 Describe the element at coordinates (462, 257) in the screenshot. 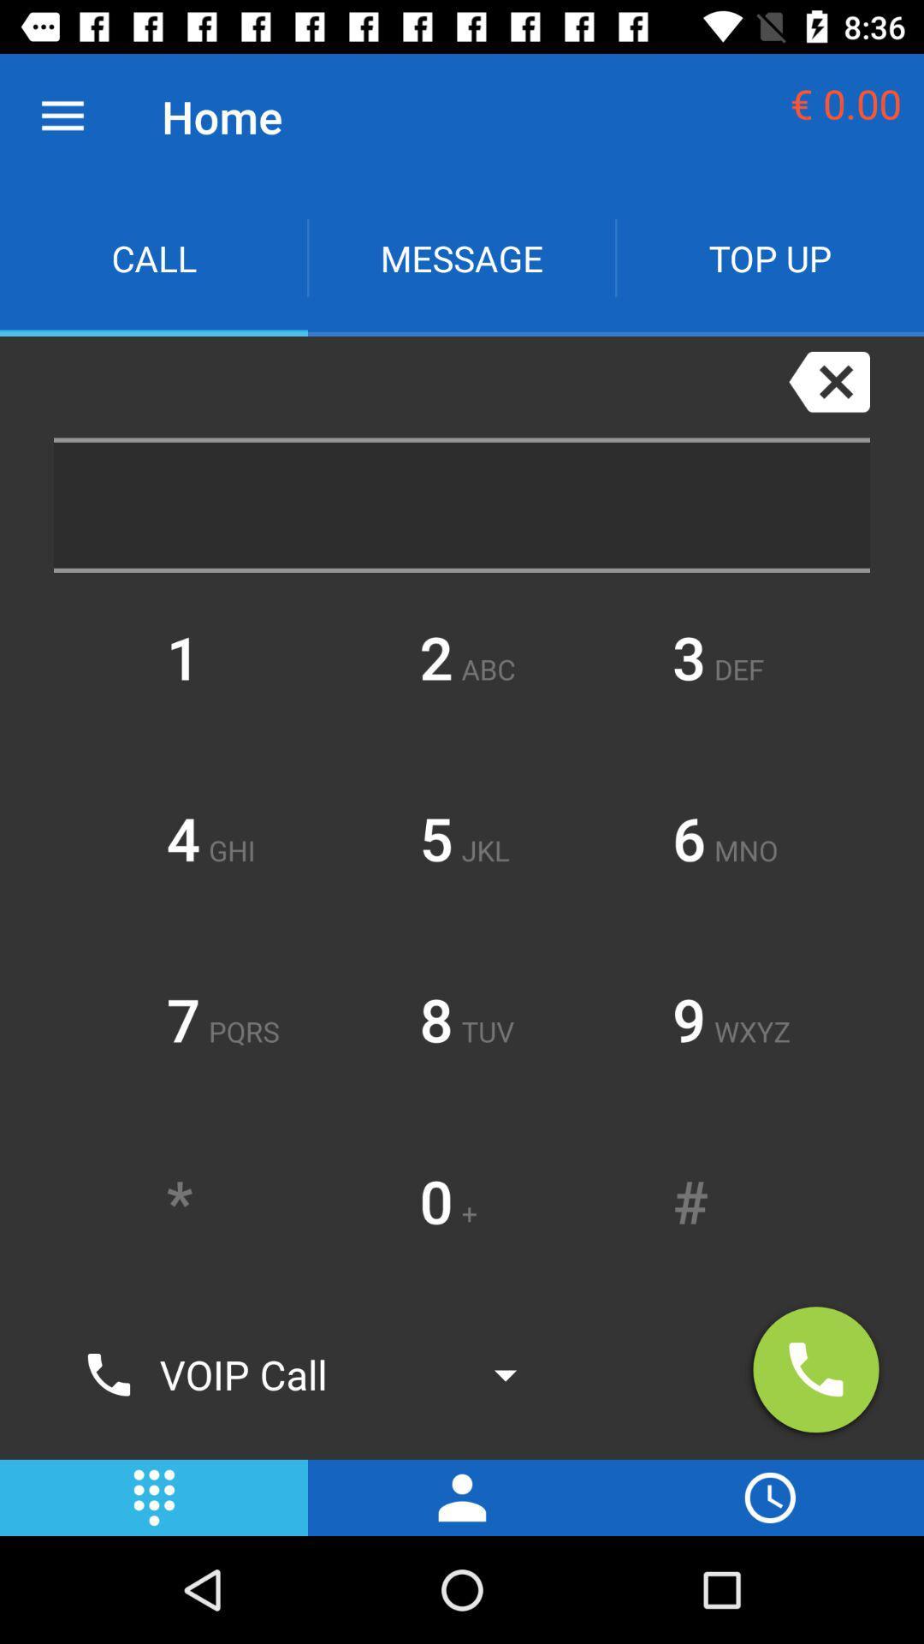

I see `app to the left of the top up icon` at that location.